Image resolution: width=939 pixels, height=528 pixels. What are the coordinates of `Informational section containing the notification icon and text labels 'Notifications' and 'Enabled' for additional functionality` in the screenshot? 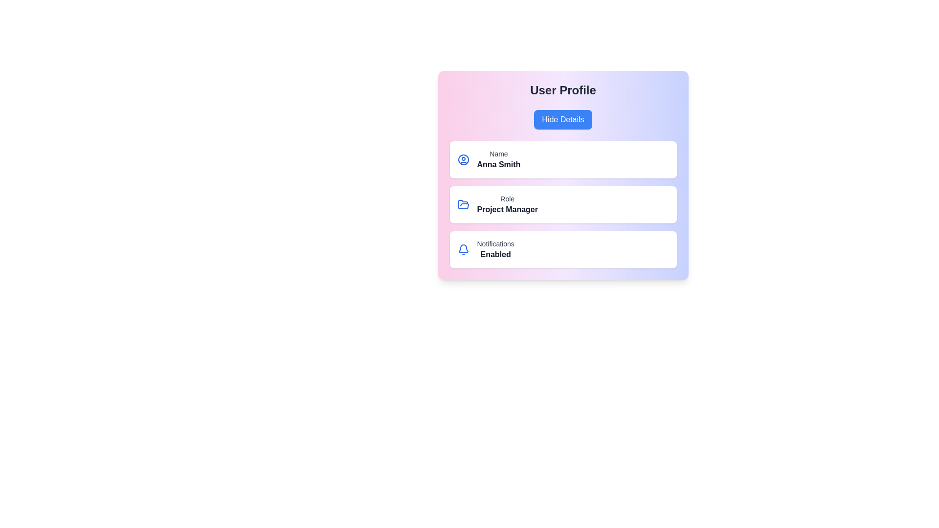 It's located at (563, 249).